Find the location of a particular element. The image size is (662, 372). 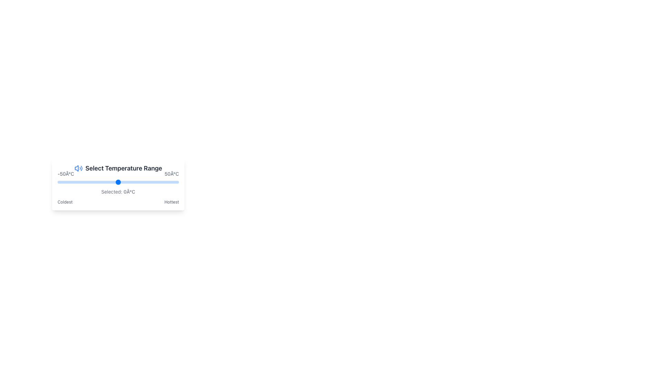

the speaker icon that represents audio-related settings, located at the far left before the text 'Select Temperature Range' is located at coordinates (78, 168).